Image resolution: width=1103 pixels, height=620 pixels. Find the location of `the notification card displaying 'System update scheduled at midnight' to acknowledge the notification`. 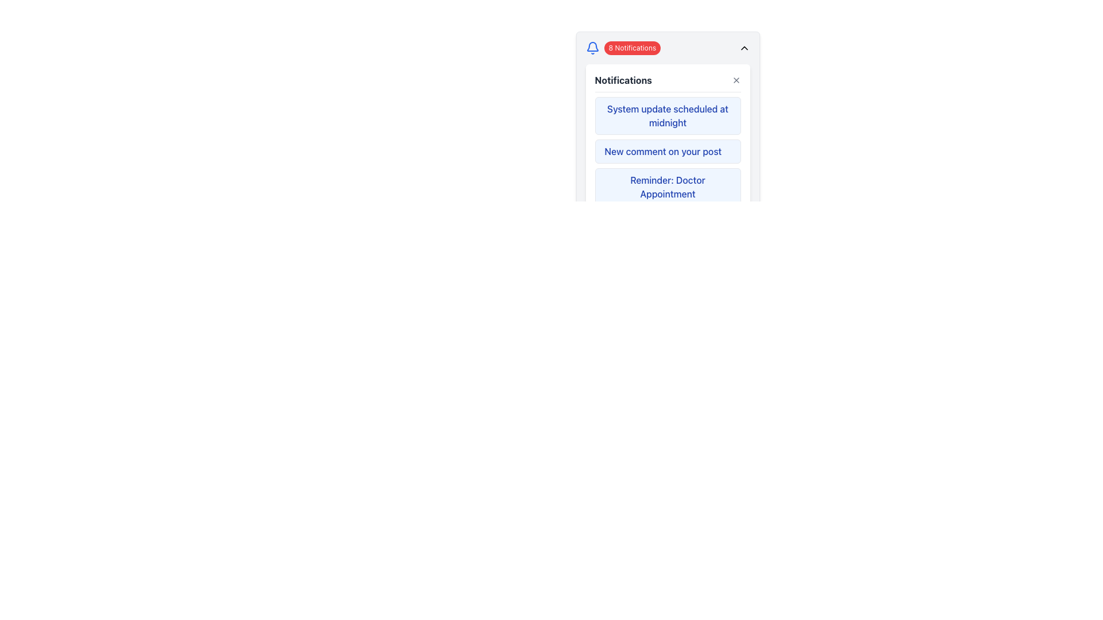

the notification card displaying 'System update scheduled at midnight' to acknowledge the notification is located at coordinates (668, 128).